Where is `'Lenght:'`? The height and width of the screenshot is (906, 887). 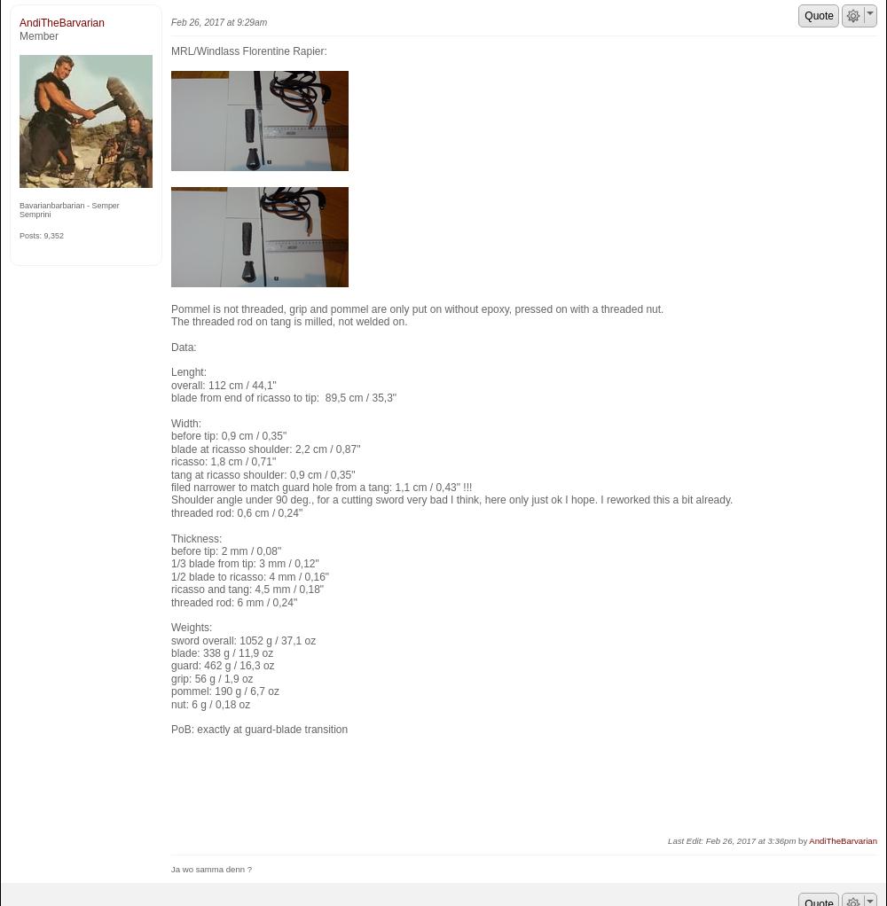 'Lenght:' is located at coordinates (188, 372).